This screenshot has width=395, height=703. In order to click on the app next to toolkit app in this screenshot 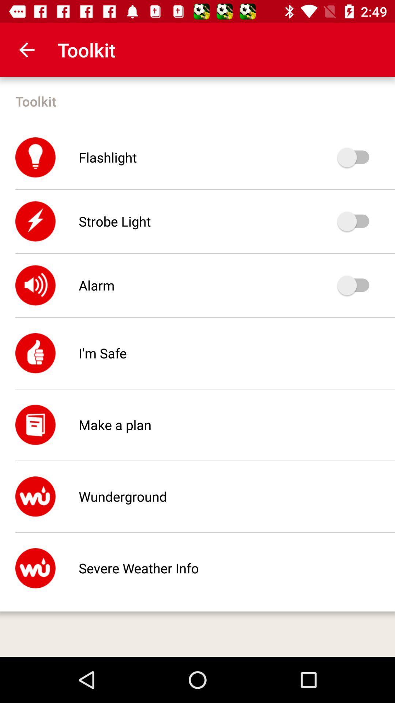, I will do `click(26, 49)`.